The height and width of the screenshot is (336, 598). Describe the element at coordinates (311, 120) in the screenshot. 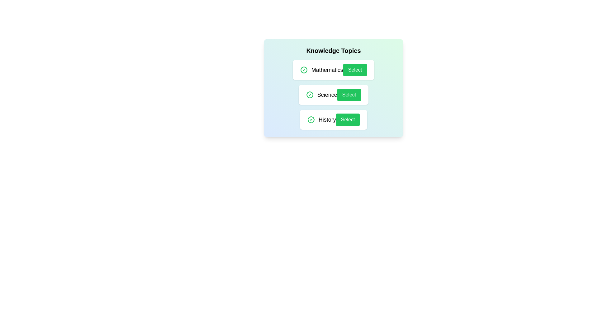

I see `the badge icon next to the topic History` at that location.